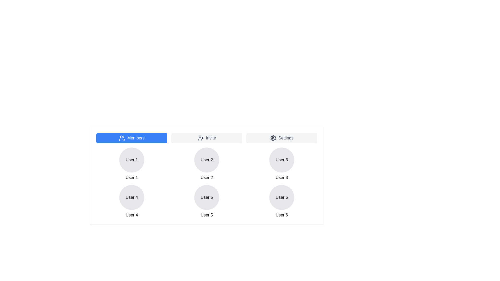 This screenshot has width=500, height=281. What do you see at coordinates (200, 138) in the screenshot?
I see `the 'Invite' button icon located between the 'Members' and 'Settings' buttons at the top row of the interface` at bounding box center [200, 138].